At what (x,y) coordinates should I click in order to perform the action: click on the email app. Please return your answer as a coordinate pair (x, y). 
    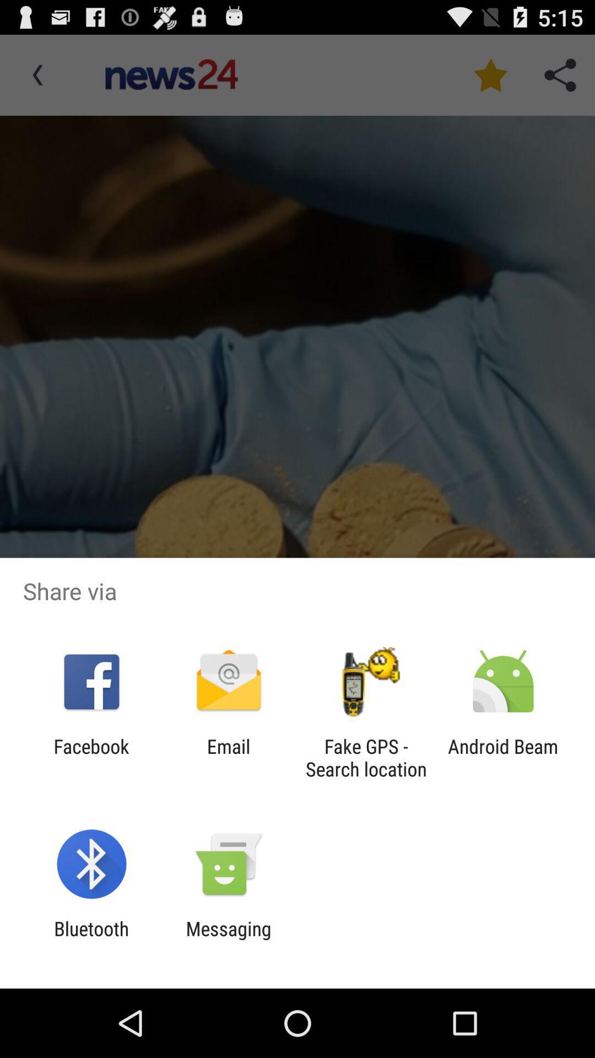
    Looking at the image, I should click on (228, 757).